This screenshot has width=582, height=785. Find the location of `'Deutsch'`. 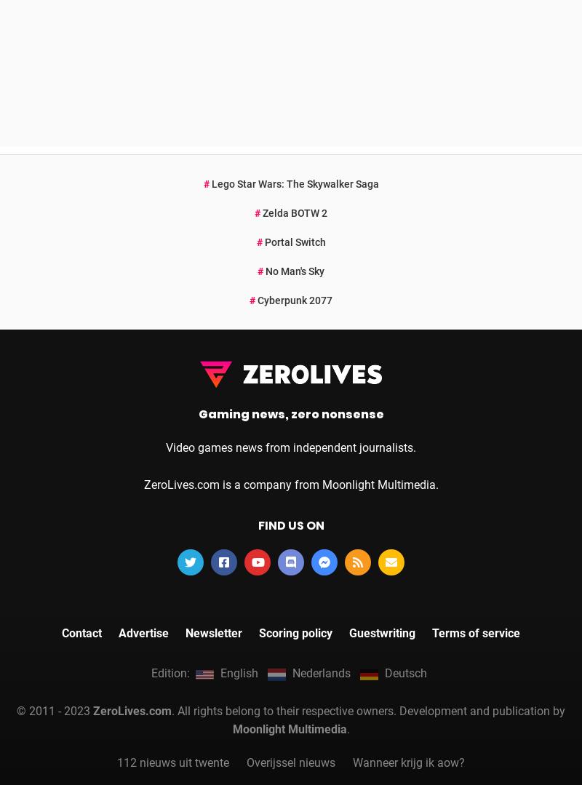

'Deutsch' is located at coordinates (406, 469).